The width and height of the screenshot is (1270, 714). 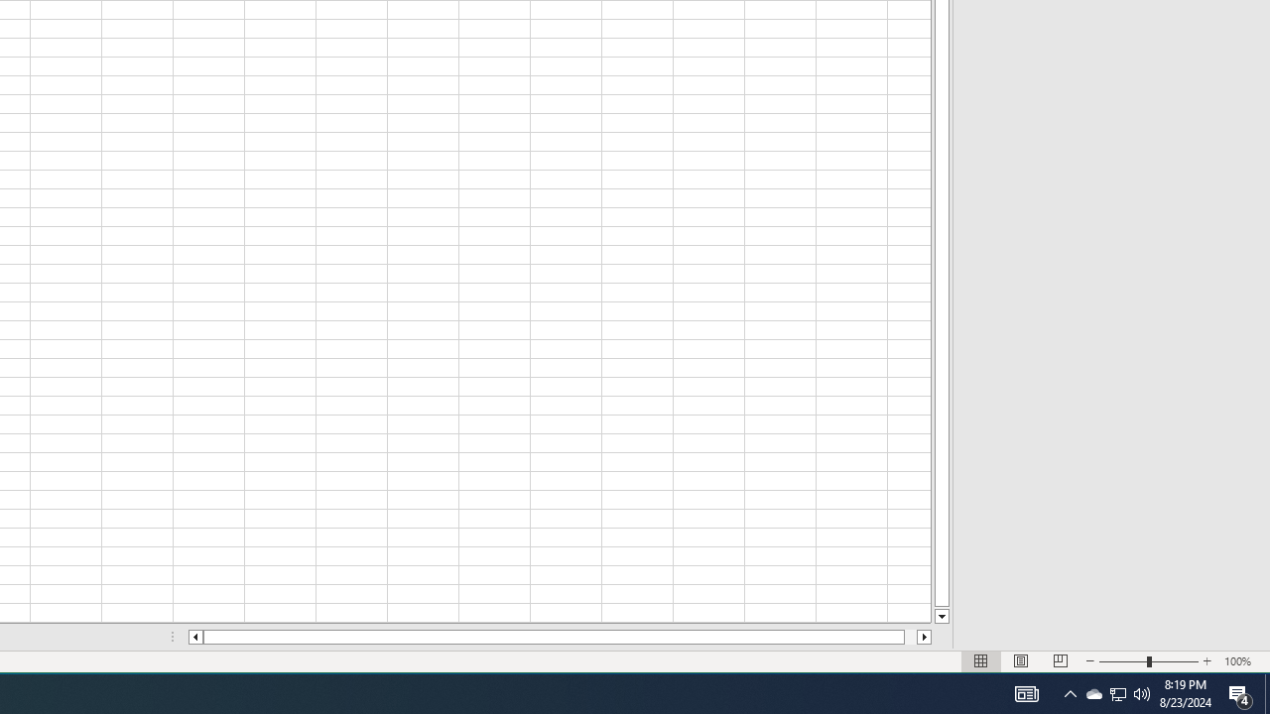 I want to click on 'Page right', so click(x=924, y=637).